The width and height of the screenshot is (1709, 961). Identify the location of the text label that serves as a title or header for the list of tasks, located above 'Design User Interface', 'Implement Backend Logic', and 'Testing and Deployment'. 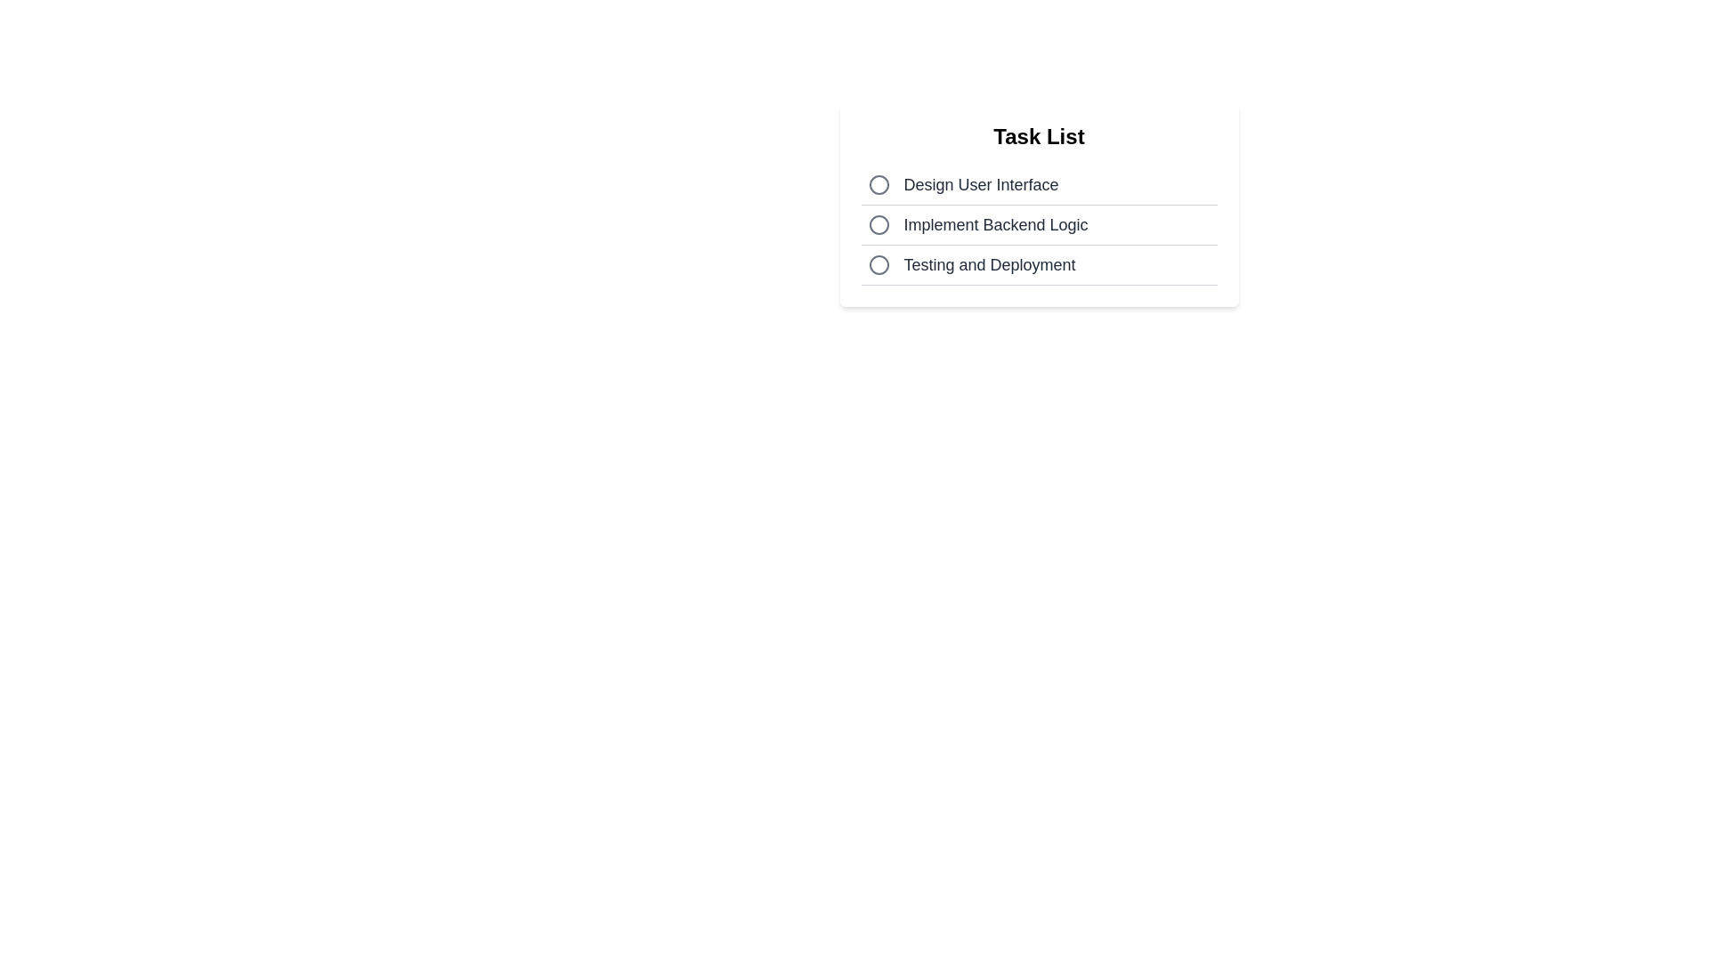
(1039, 136).